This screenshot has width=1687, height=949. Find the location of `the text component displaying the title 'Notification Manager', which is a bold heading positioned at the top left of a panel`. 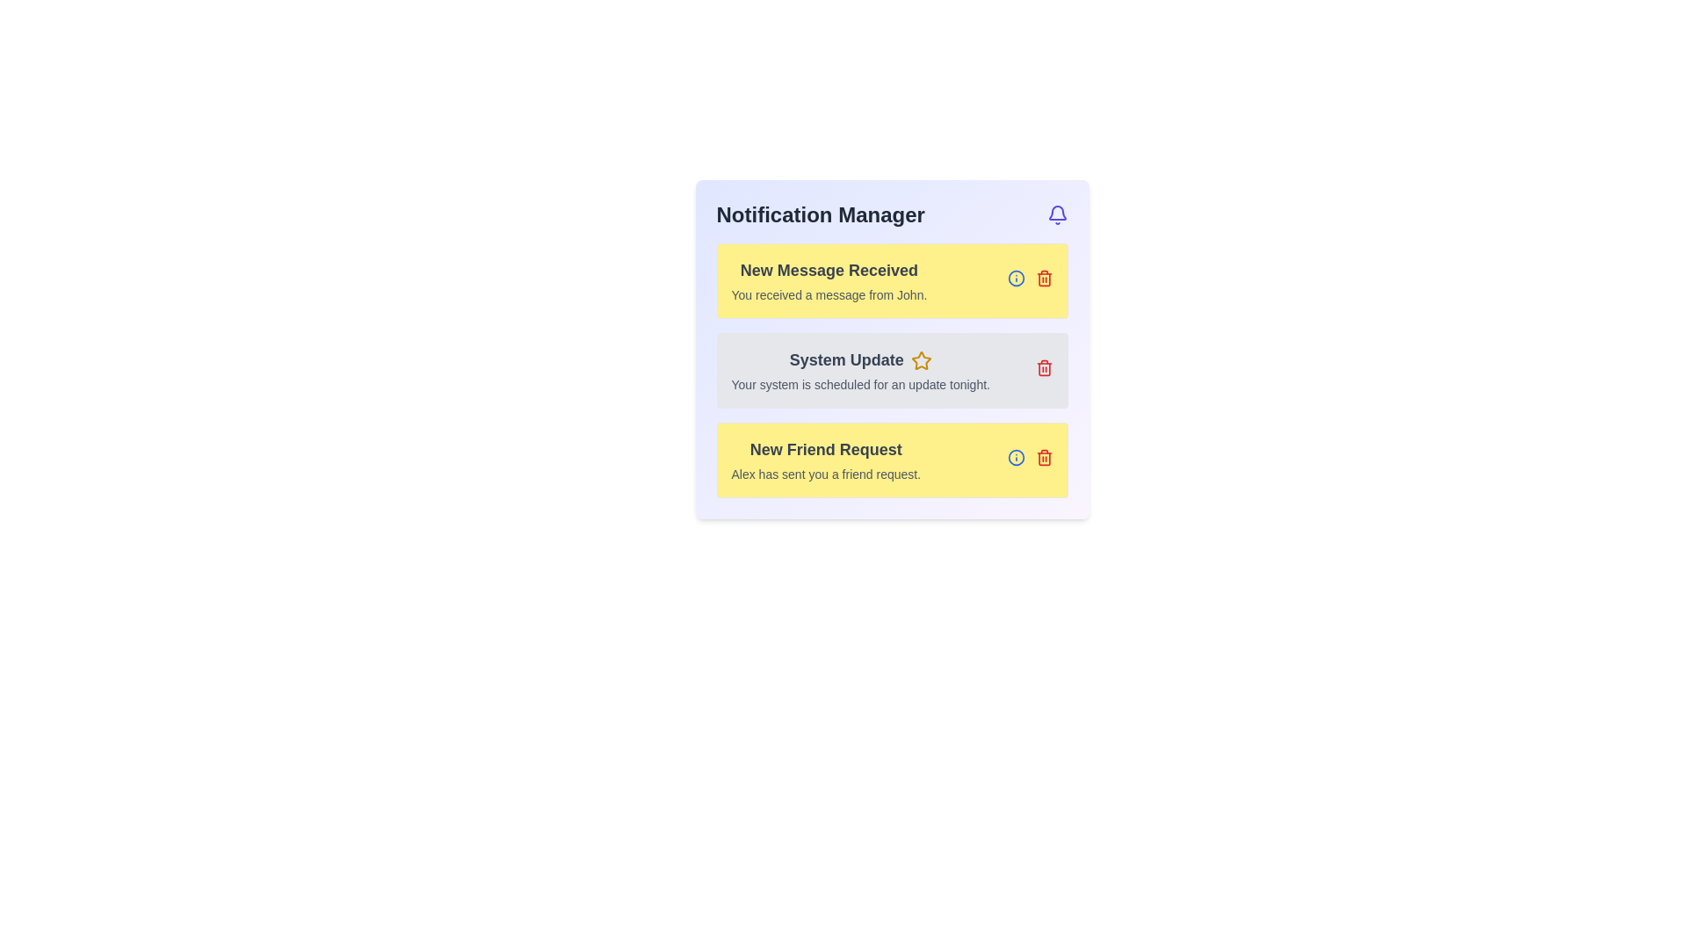

the text component displaying the title 'Notification Manager', which is a bold heading positioned at the top left of a panel is located at coordinates (820, 214).